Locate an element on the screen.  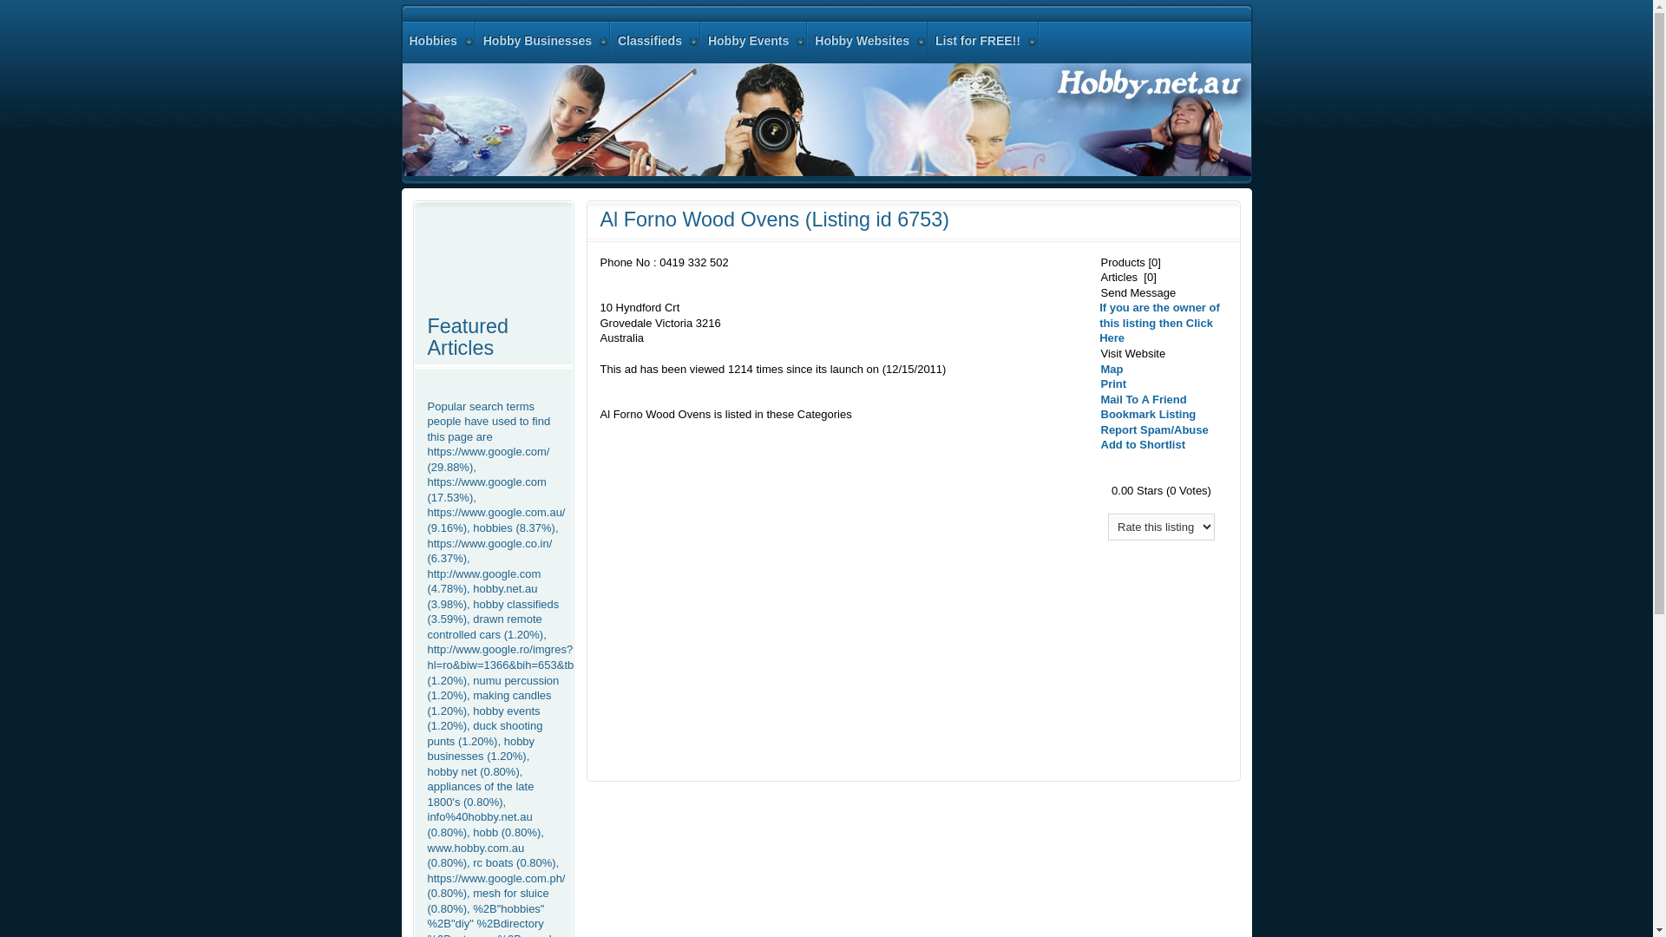
'Hobby Websites' is located at coordinates (868, 41).